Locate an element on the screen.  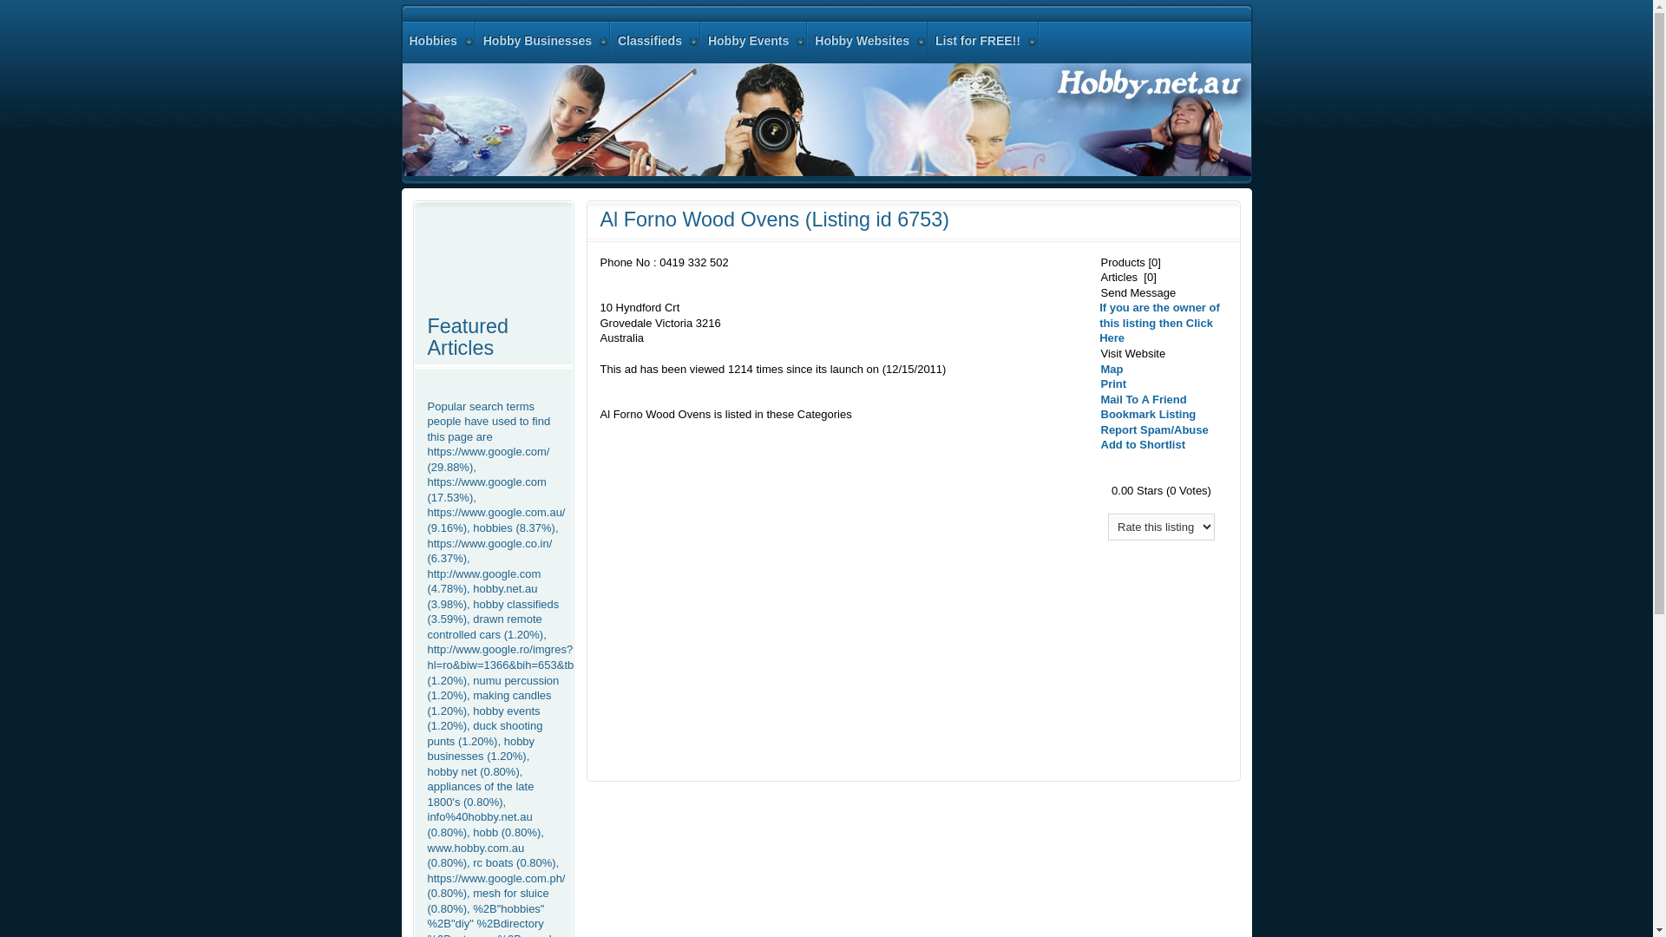
'Hobby Websites' is located at coordinates (868, 41).